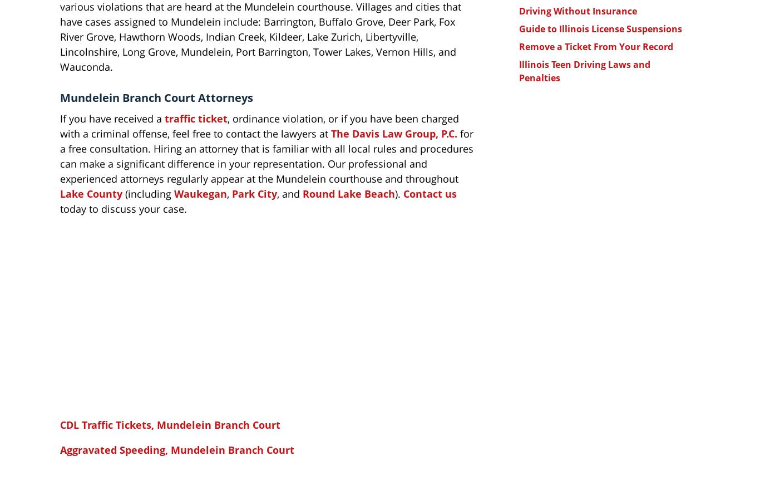 This screenshot has height=485, width=760. Describe the element at coordinates (122, 193) in the screenshot. I see `'(including'` at that location.